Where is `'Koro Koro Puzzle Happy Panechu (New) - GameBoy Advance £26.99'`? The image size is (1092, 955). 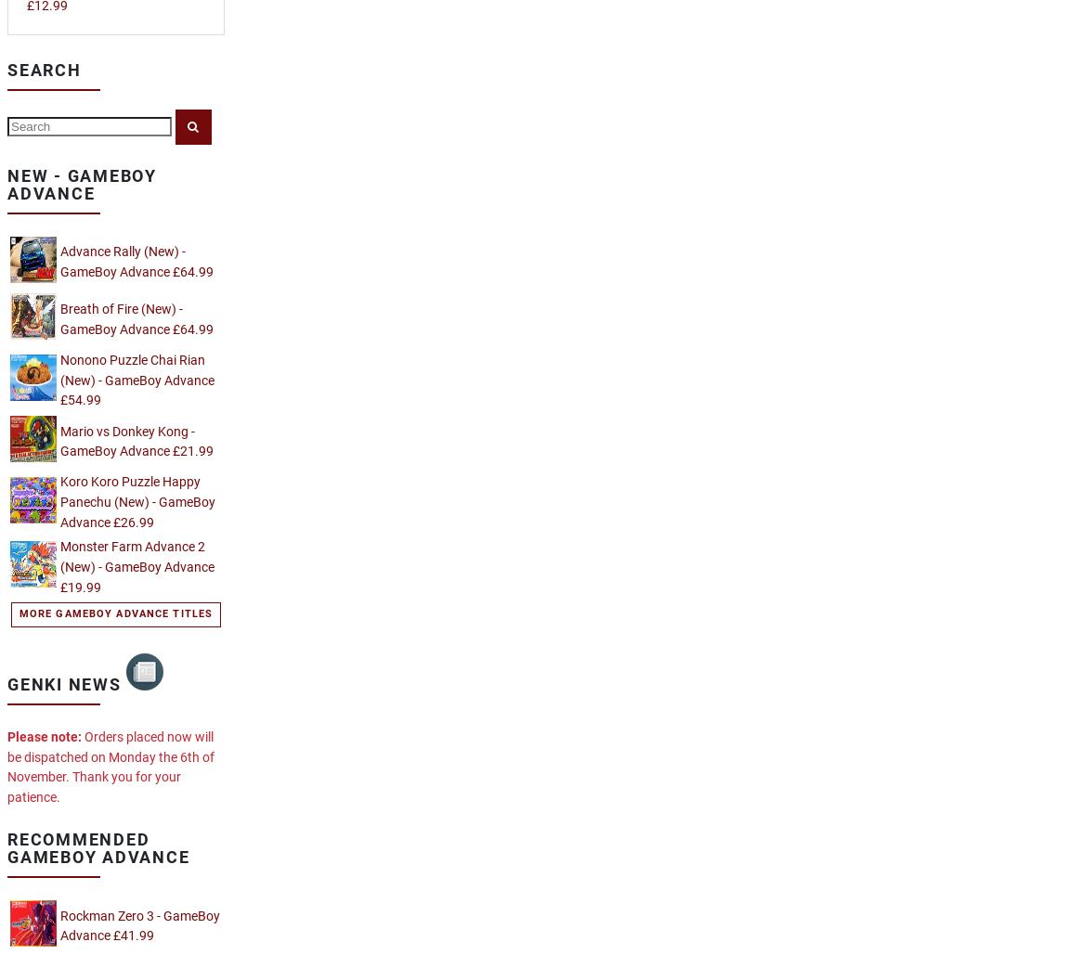 'Koro Koro Puzzle Happy Panechu (New) - GameBoy Advance £26.99' is located at coordinates (137, 501).